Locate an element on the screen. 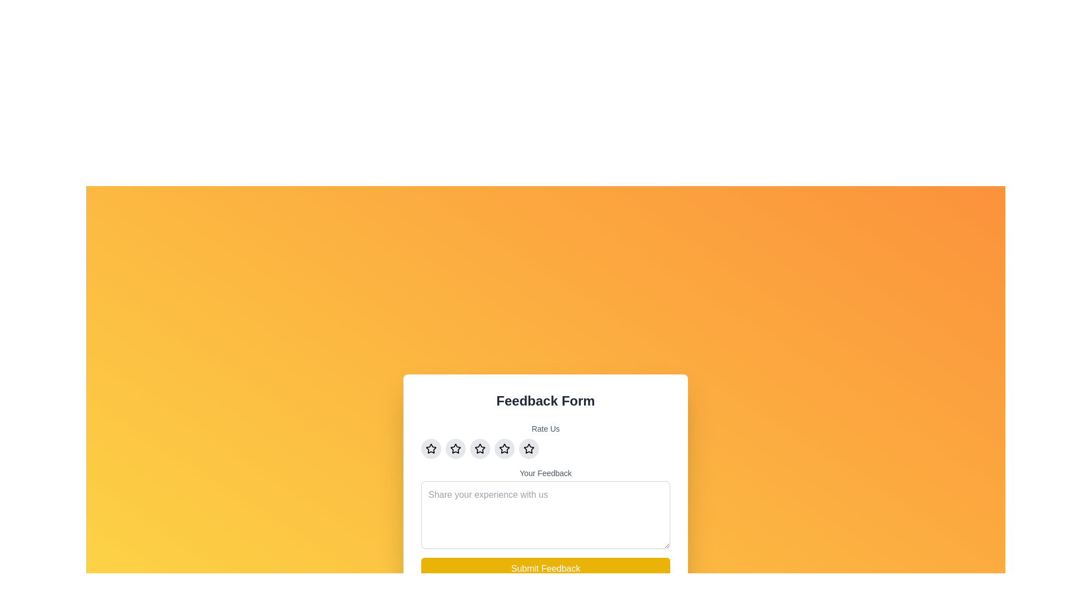 The image size is (1067, 600). the second star-shaped icon in the rating system under the 'Rate Us' label is located at coordinates (456, 448).